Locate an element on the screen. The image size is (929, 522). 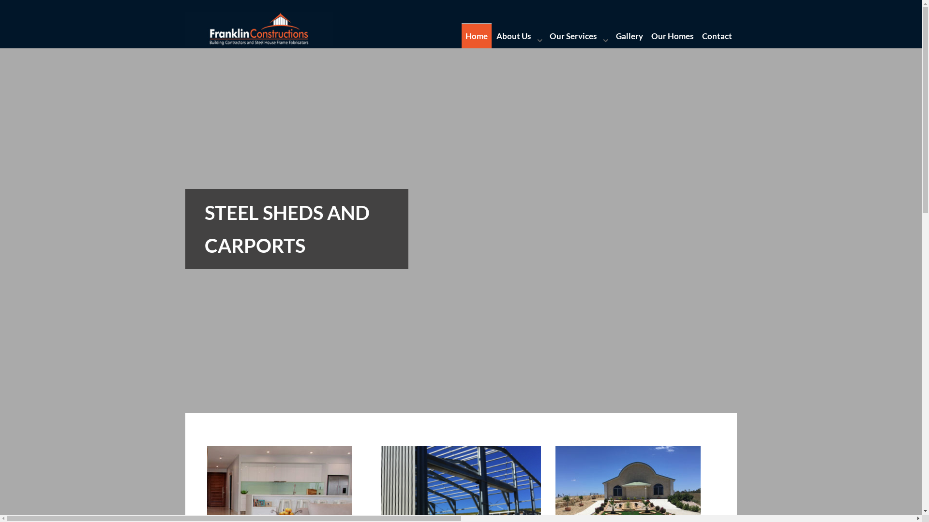
'Our Services' is located at coordinates (578, 35).